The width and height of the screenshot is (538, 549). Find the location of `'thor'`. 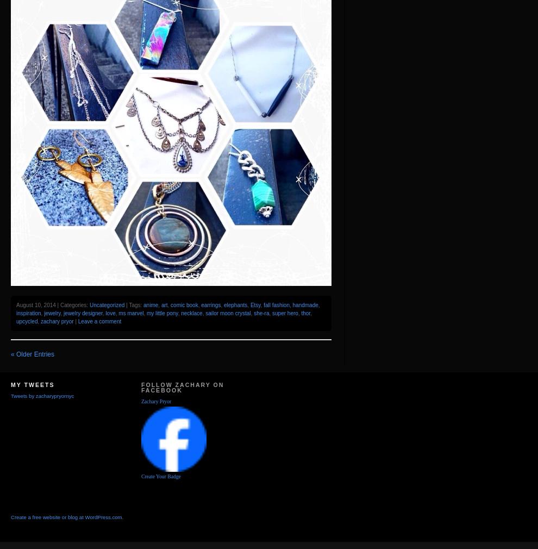

'thor' is located at coordinates (305, 313).